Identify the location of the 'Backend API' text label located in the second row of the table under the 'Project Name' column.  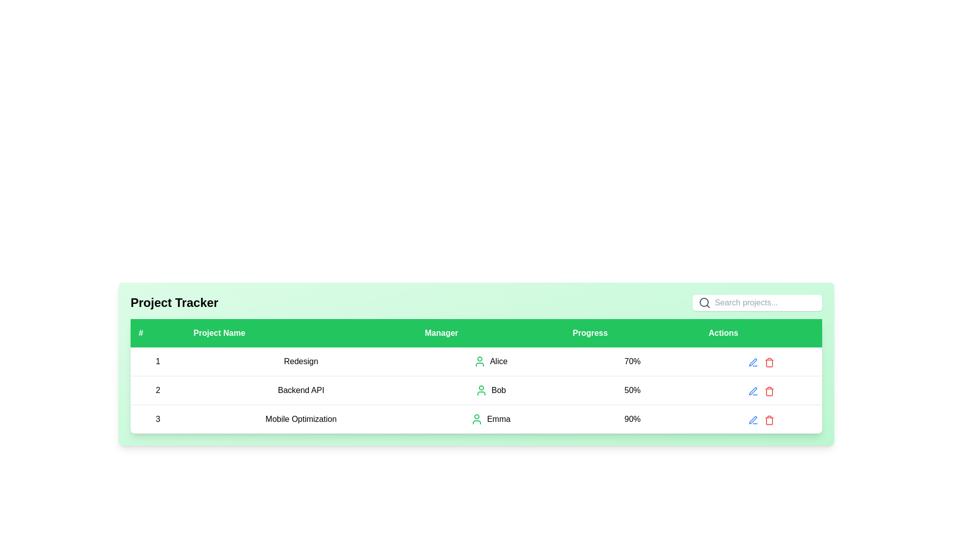
(300, 390).